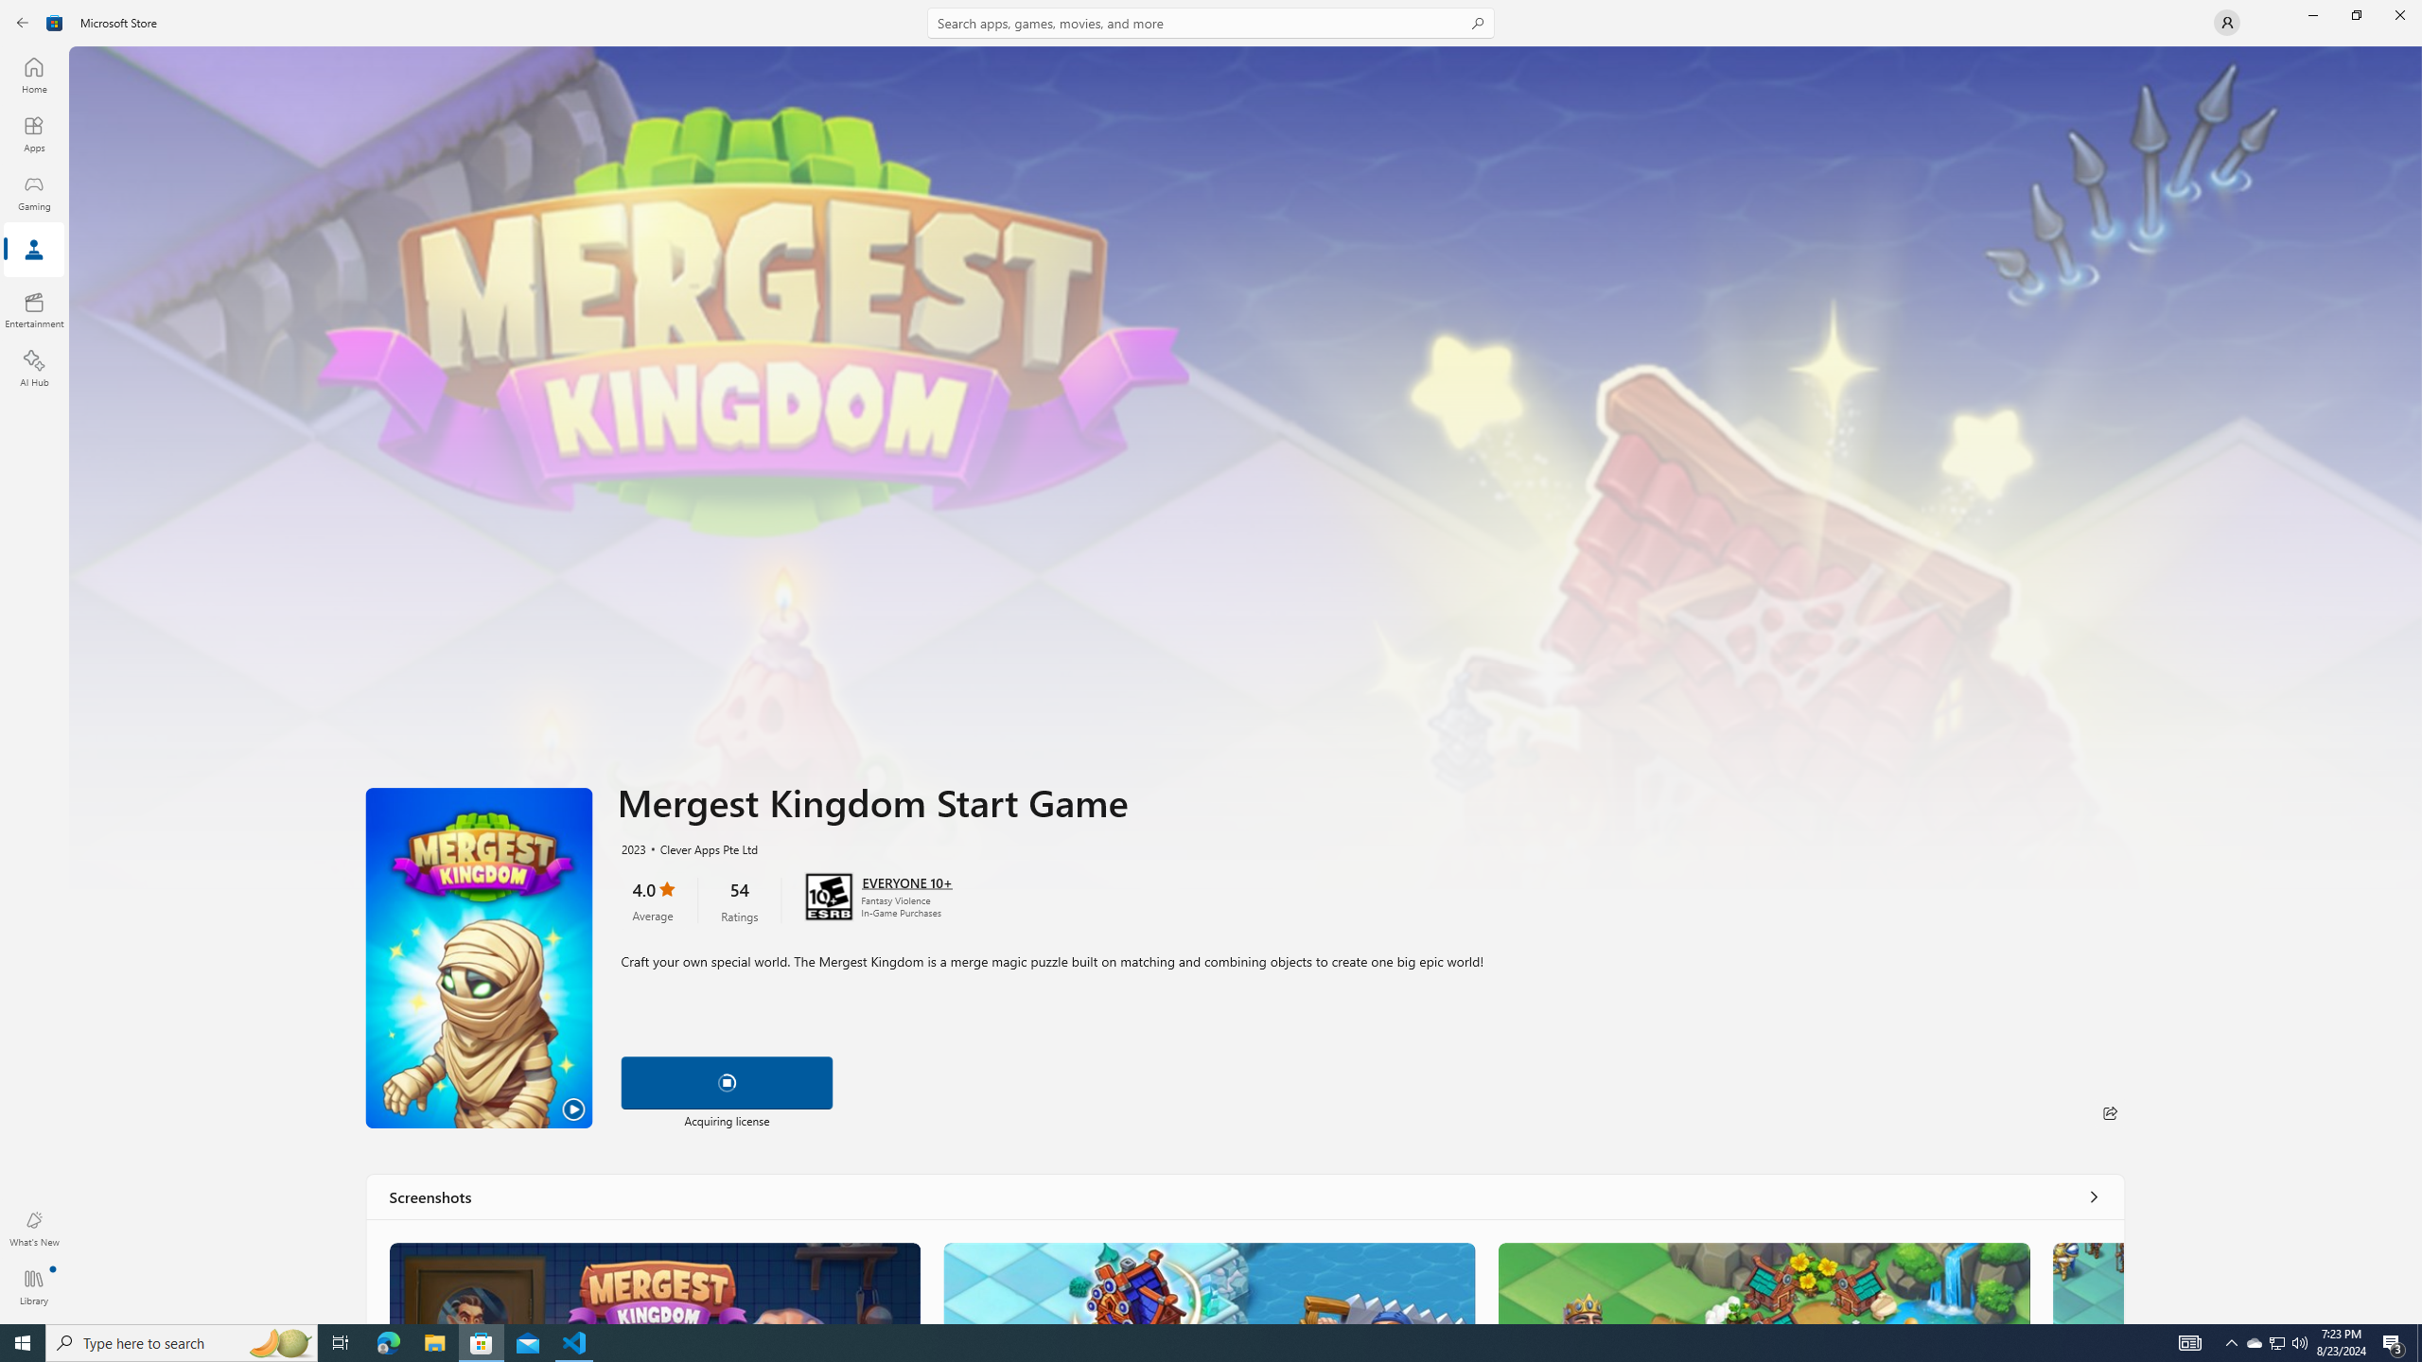 The width and height of the screenshot is (2422, 1362). I want to click on 'Search', so click(1211, 22).